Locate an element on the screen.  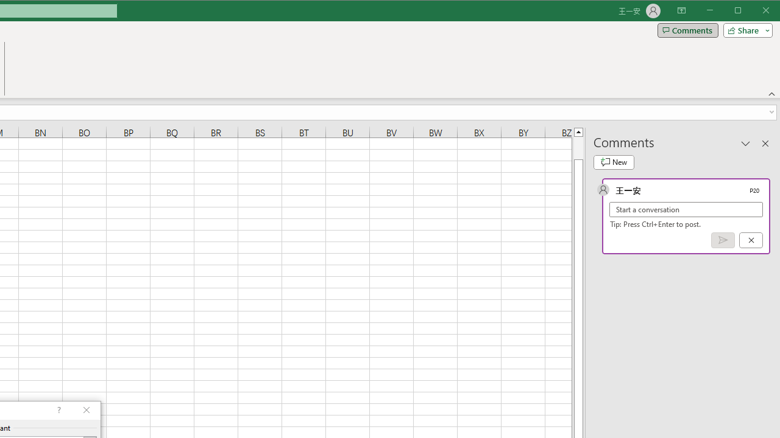
'Share' is located at coordinates (745, 30).